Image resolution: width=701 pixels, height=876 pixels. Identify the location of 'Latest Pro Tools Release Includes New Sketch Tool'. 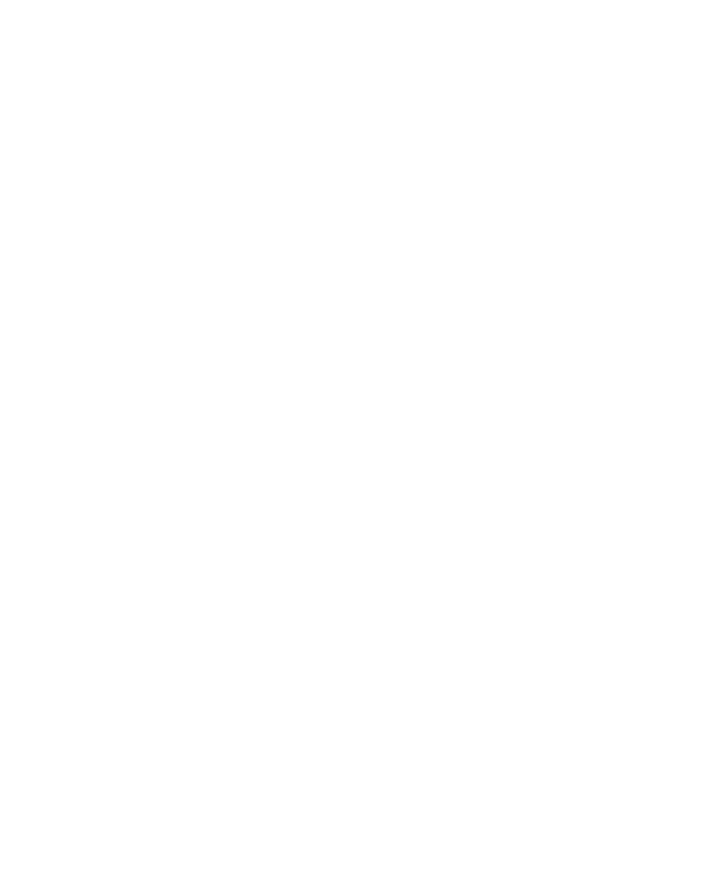
(290, 840).